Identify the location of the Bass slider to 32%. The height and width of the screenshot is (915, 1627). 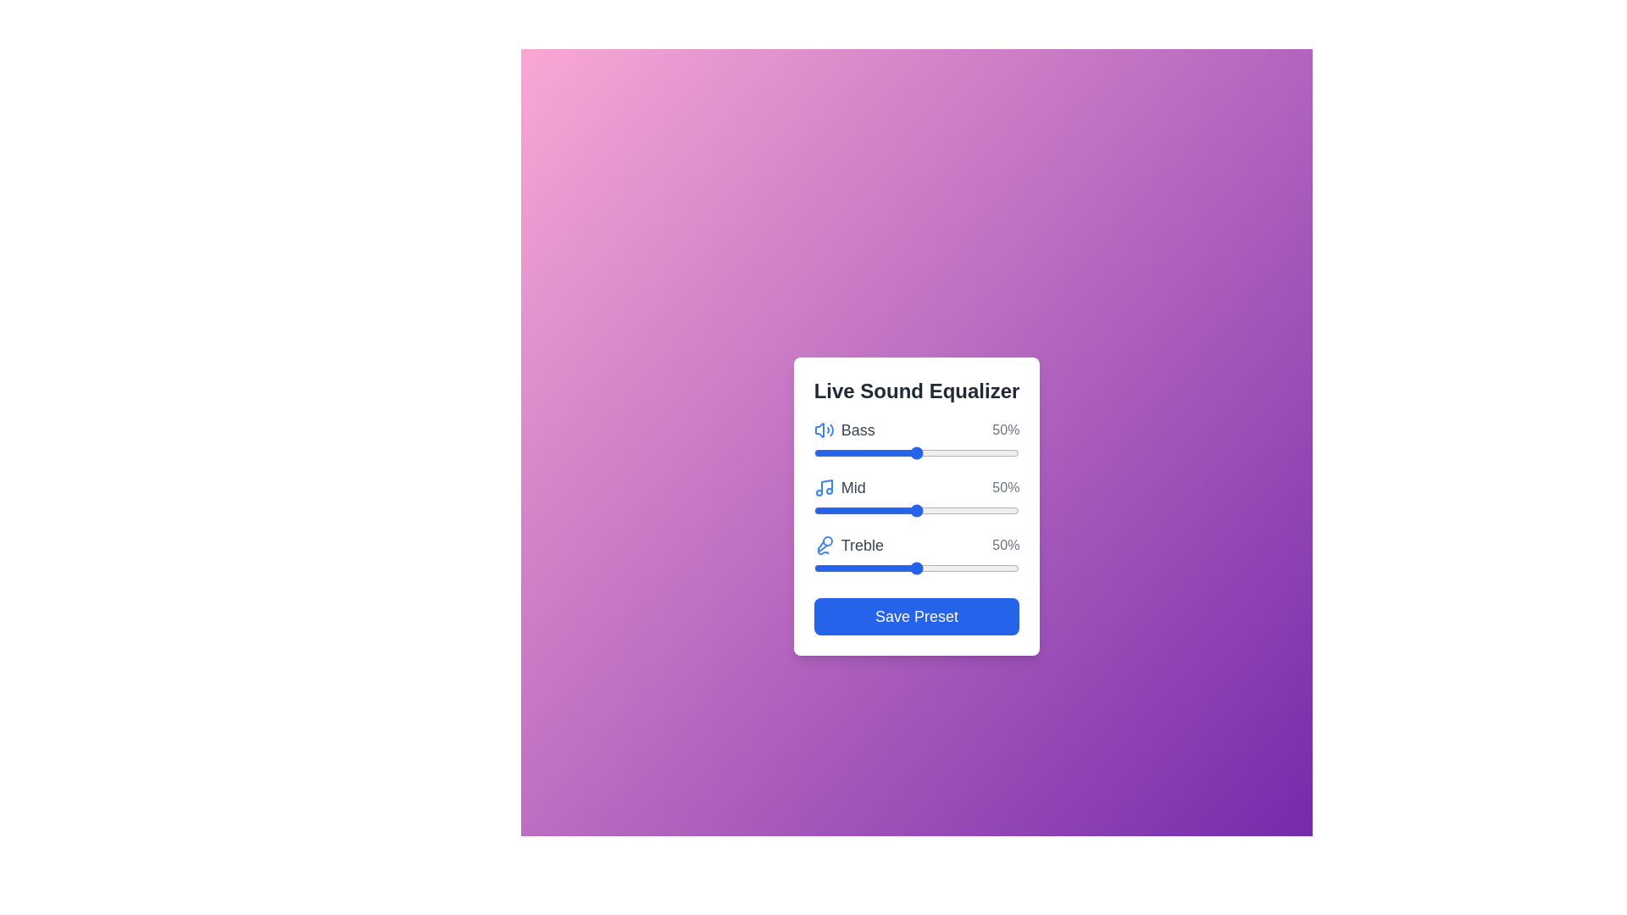
(880, 452).